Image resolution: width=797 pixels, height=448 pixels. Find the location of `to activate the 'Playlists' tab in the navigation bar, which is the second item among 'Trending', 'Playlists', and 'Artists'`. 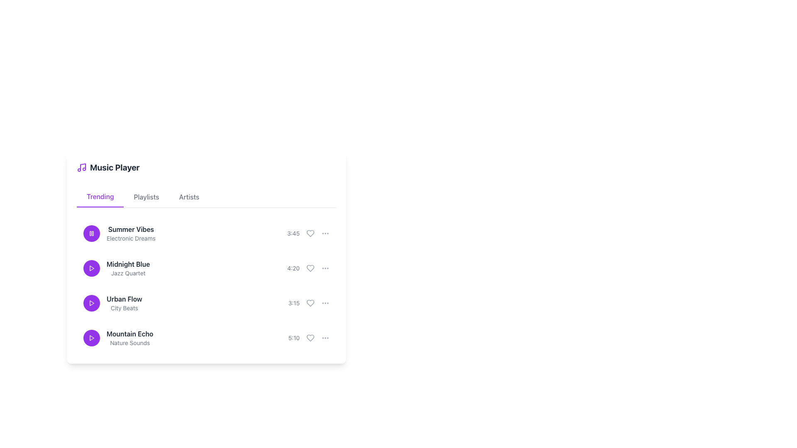

to activate the 'Playlists' tab in the navigation bar, which is the second item among 'Trending', 'Playlists', and 'Artists' is located at coordinates (146, 197).